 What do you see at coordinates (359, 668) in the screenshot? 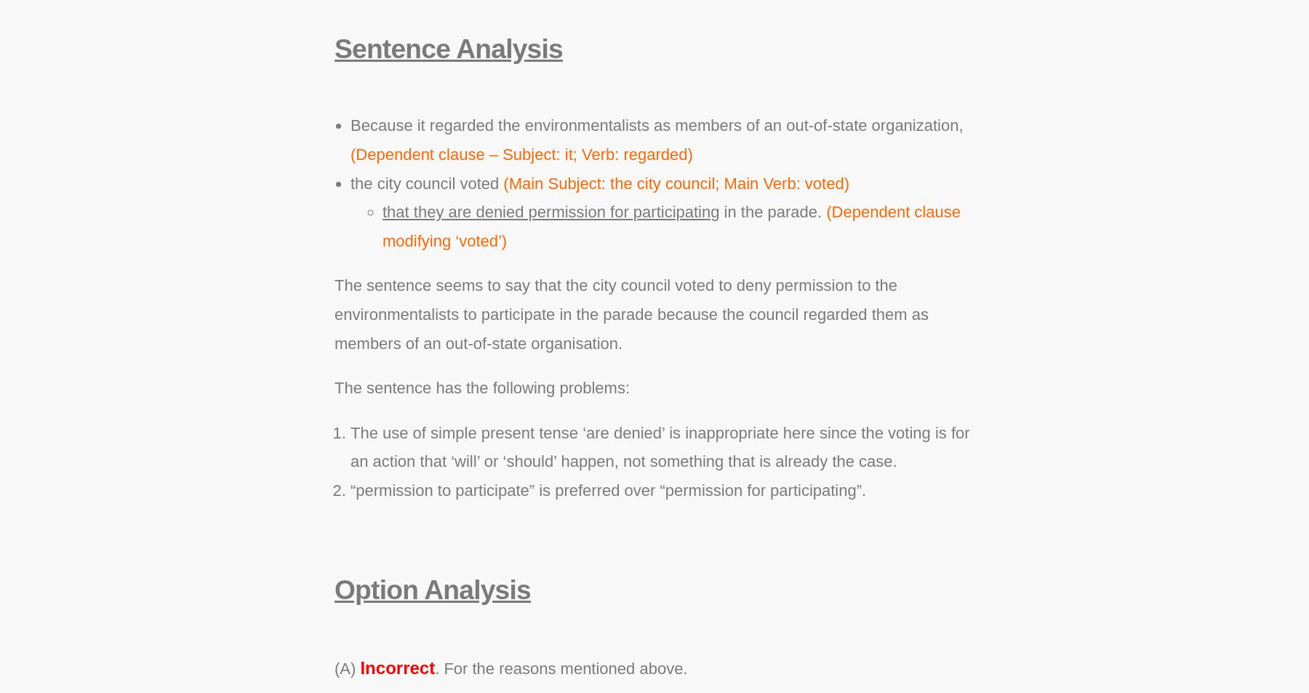
I see `'Incorrect'` at bounding box center [359, 668].